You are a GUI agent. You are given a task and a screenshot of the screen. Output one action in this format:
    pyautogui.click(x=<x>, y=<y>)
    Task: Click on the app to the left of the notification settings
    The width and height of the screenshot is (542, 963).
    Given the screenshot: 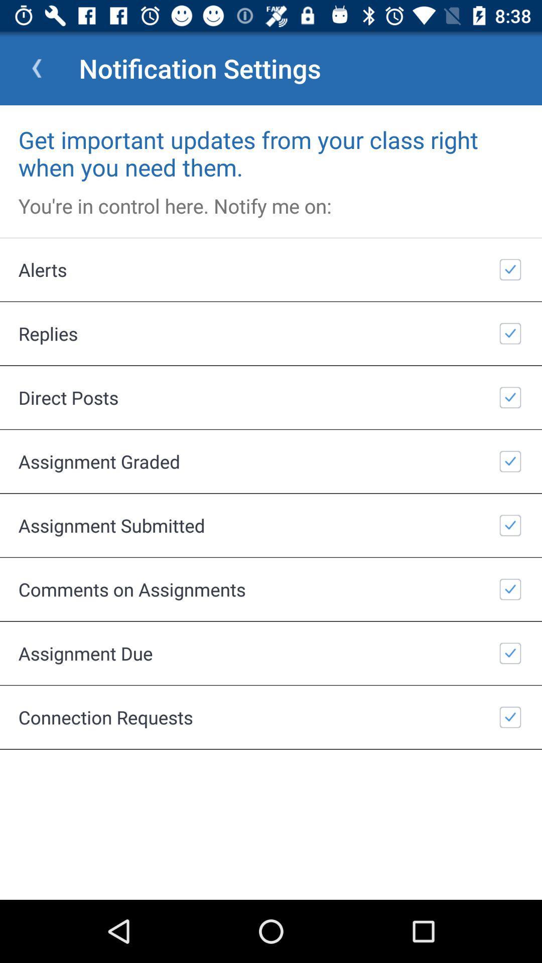 What is the action you would take?
    pyautogui.click(x=36, y=68)
    